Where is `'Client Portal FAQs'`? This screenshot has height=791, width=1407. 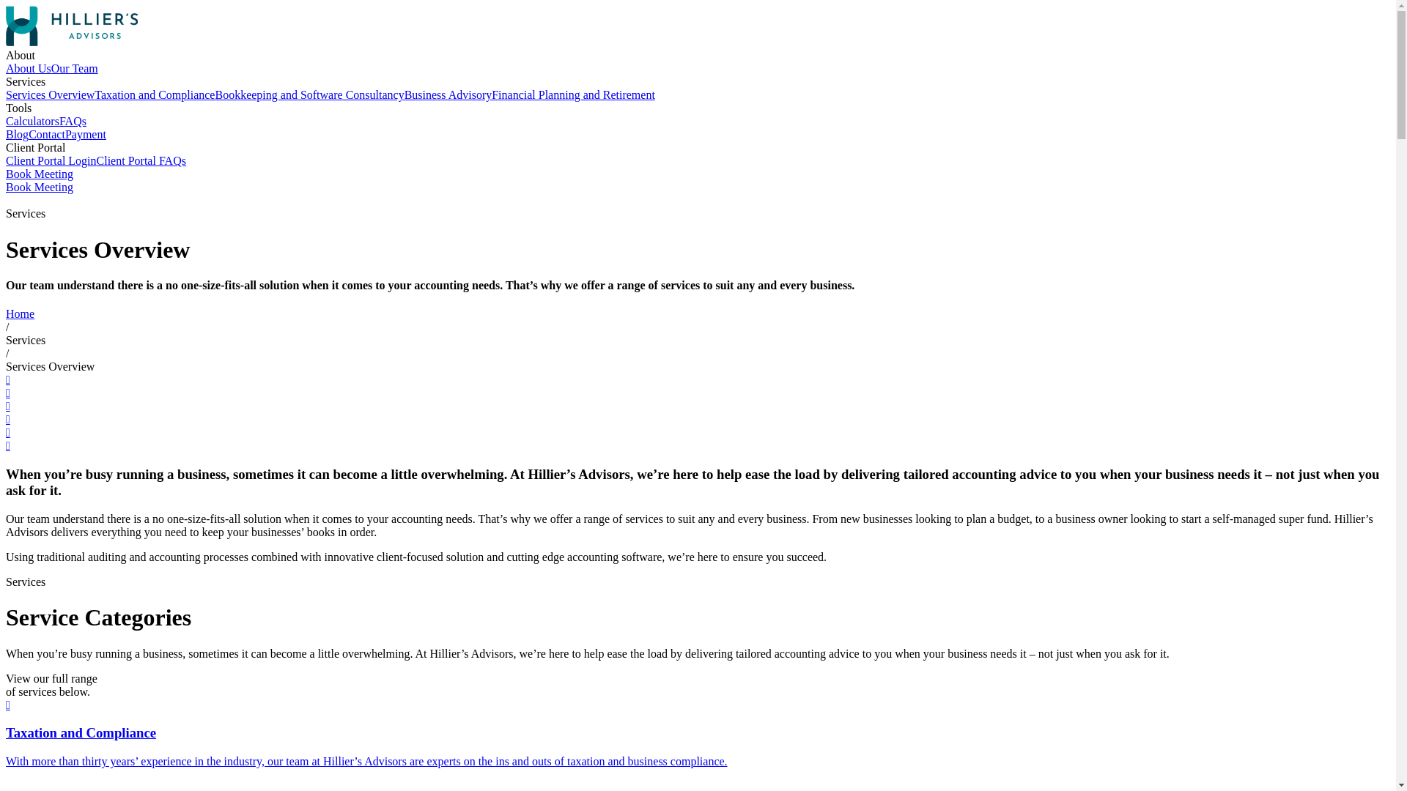
'Client Portal FAQs' is located at coordinates (141, 160).